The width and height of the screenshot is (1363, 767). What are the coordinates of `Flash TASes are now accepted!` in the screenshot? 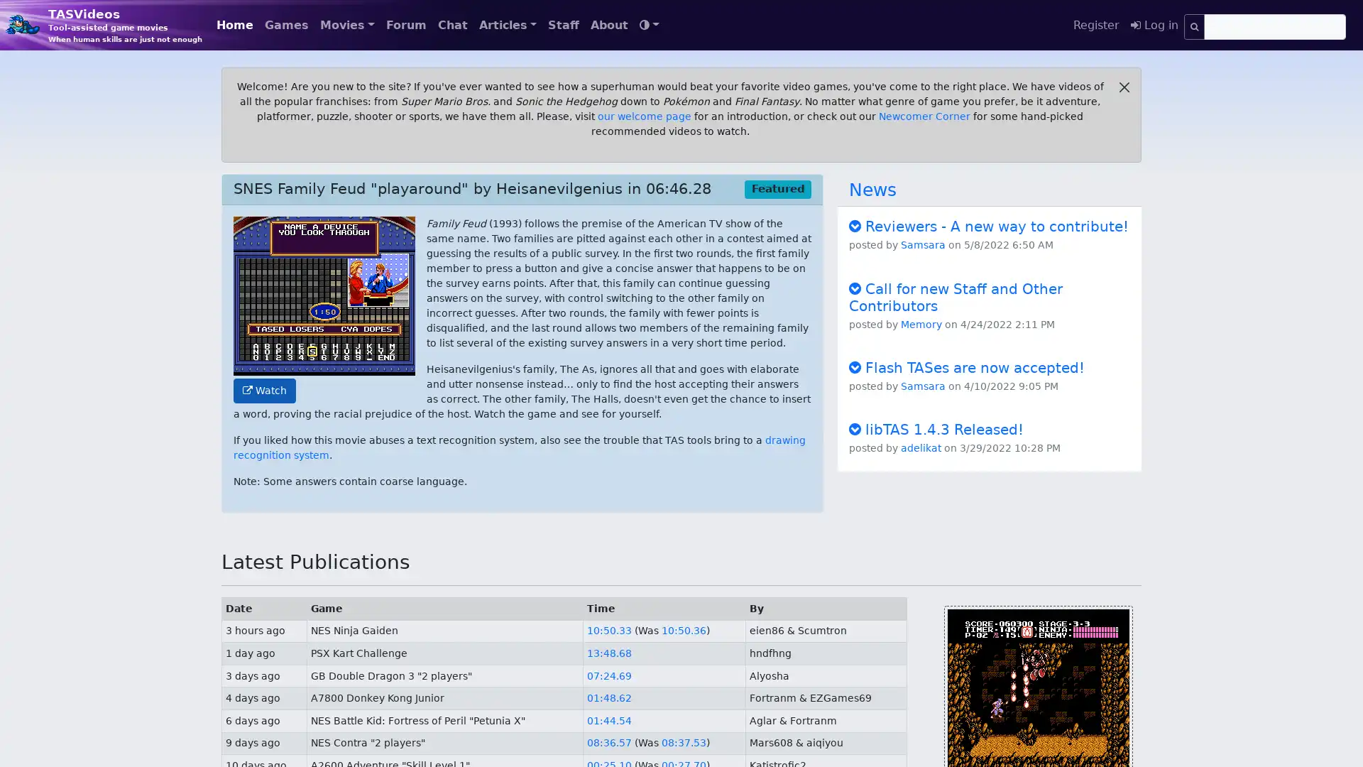 It's located at (966, 366).